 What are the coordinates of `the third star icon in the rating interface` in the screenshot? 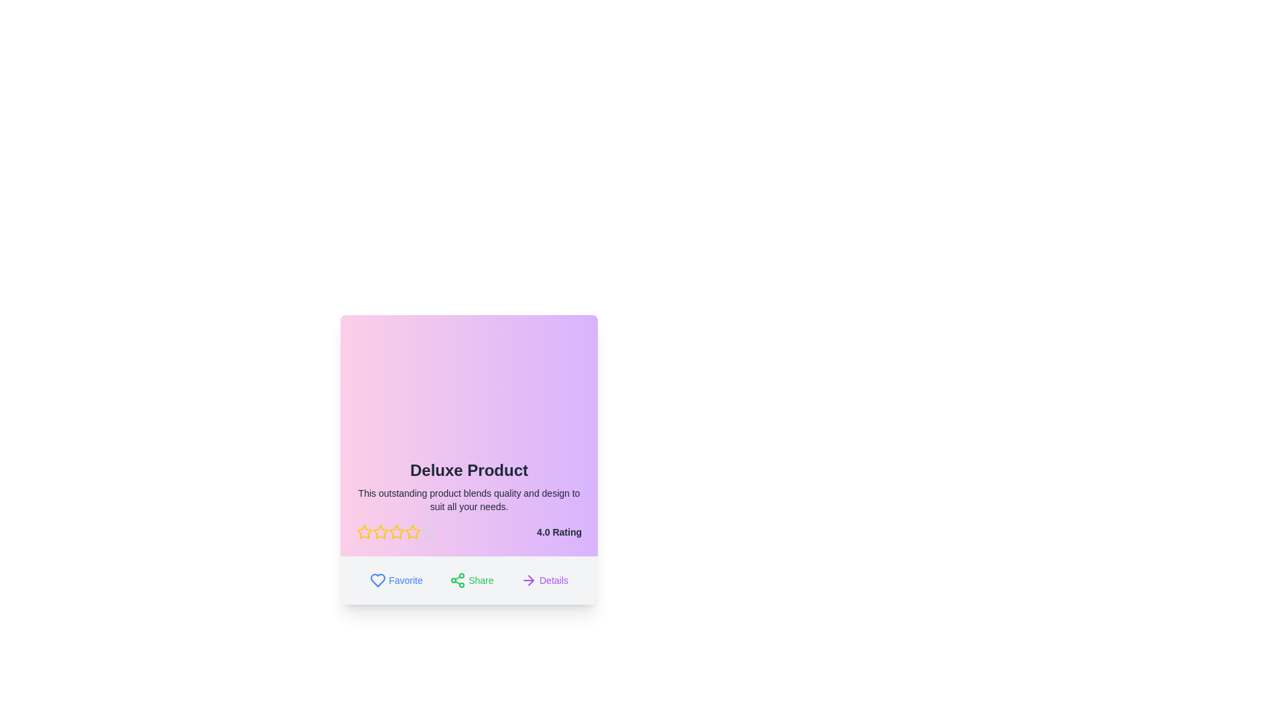 It's located at (412, 531).